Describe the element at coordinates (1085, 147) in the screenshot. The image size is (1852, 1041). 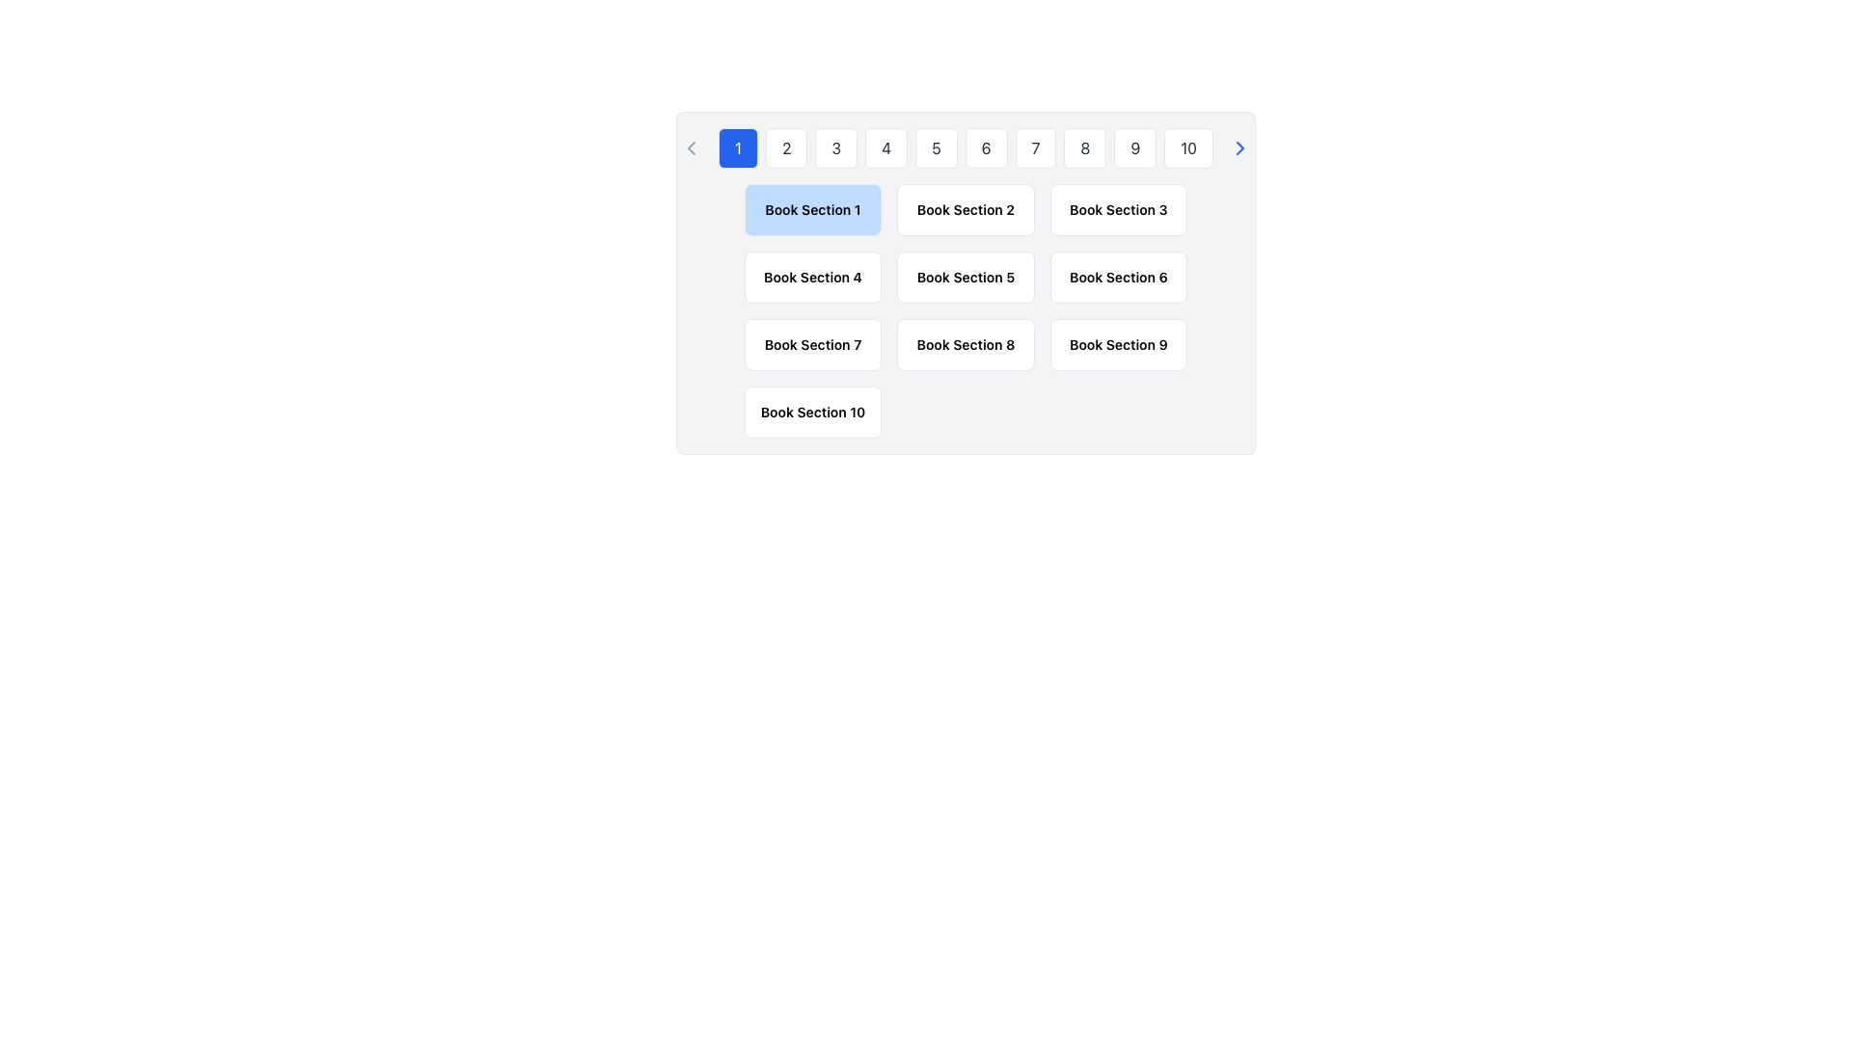
I see `the eighth button in the horizontal sequence of numbered buttons to trigger visual feedback` at that location.